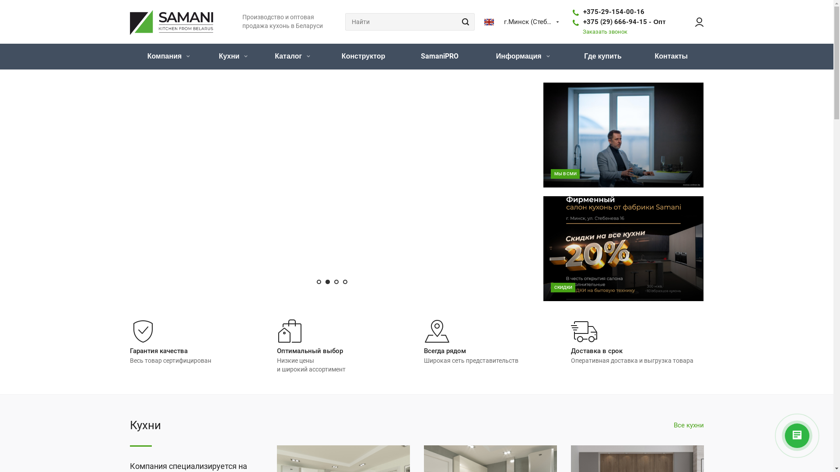 This screenshot has height=472, width=840. Describe the element at coordinates (344, 281) in the screenshot. I see `'4'` at that location.